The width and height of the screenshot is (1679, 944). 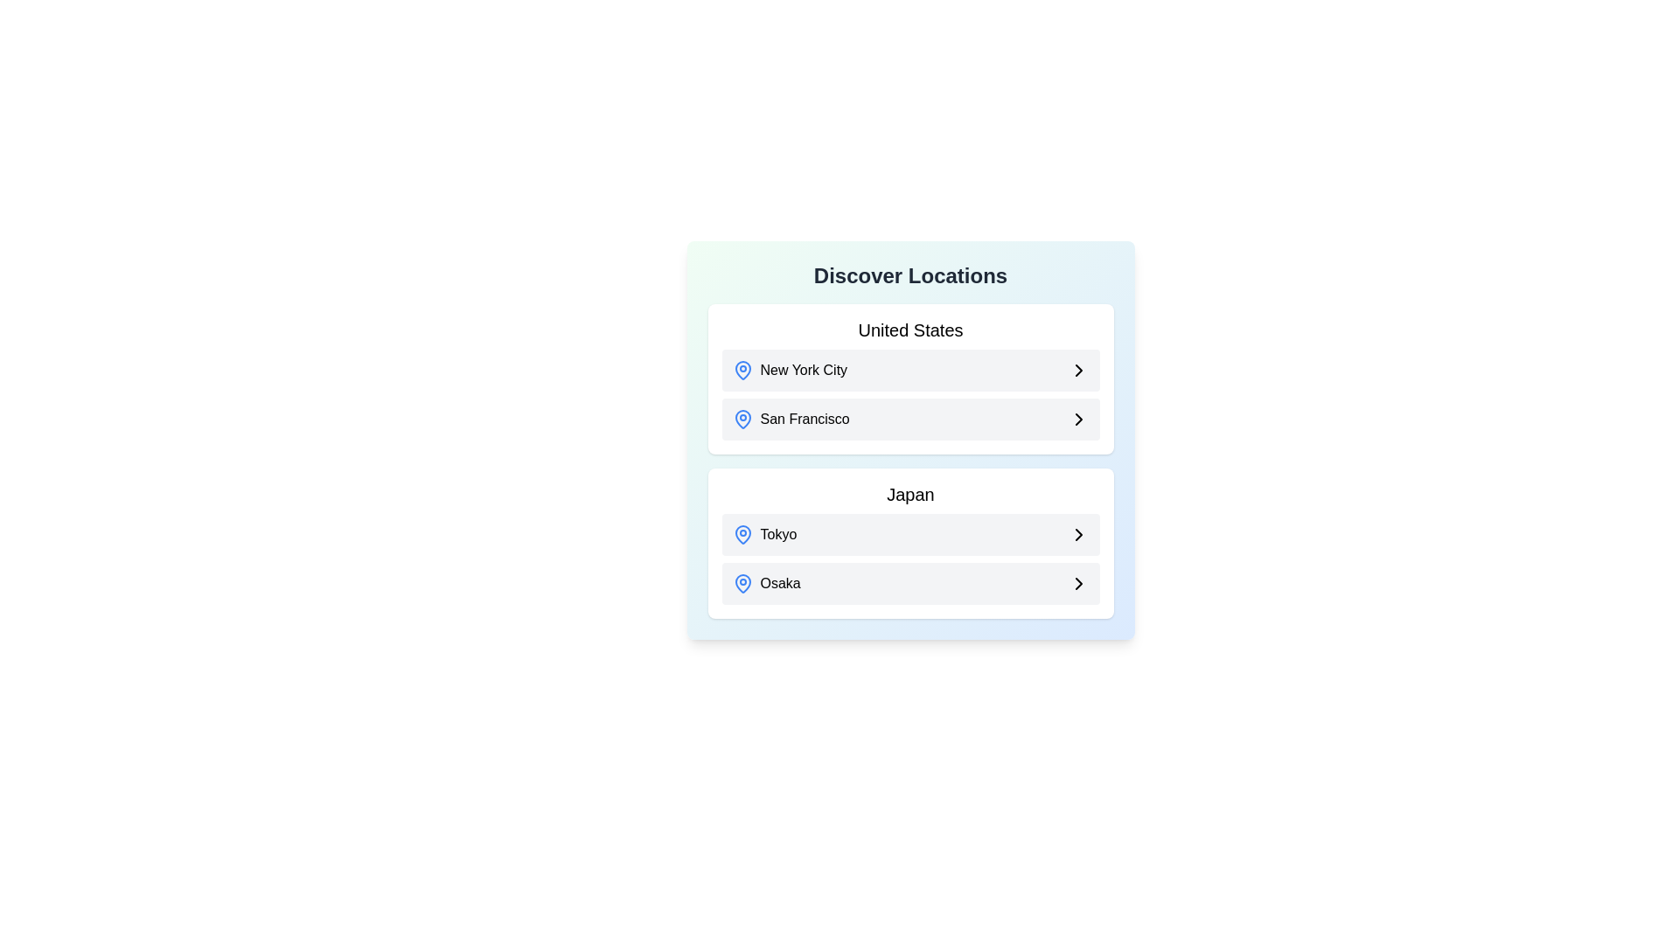 I want to click on the geographical location marker icon preceding the label 'Tokyo' in the second section under the 'Japan' heading, so click(x=742, y=534).